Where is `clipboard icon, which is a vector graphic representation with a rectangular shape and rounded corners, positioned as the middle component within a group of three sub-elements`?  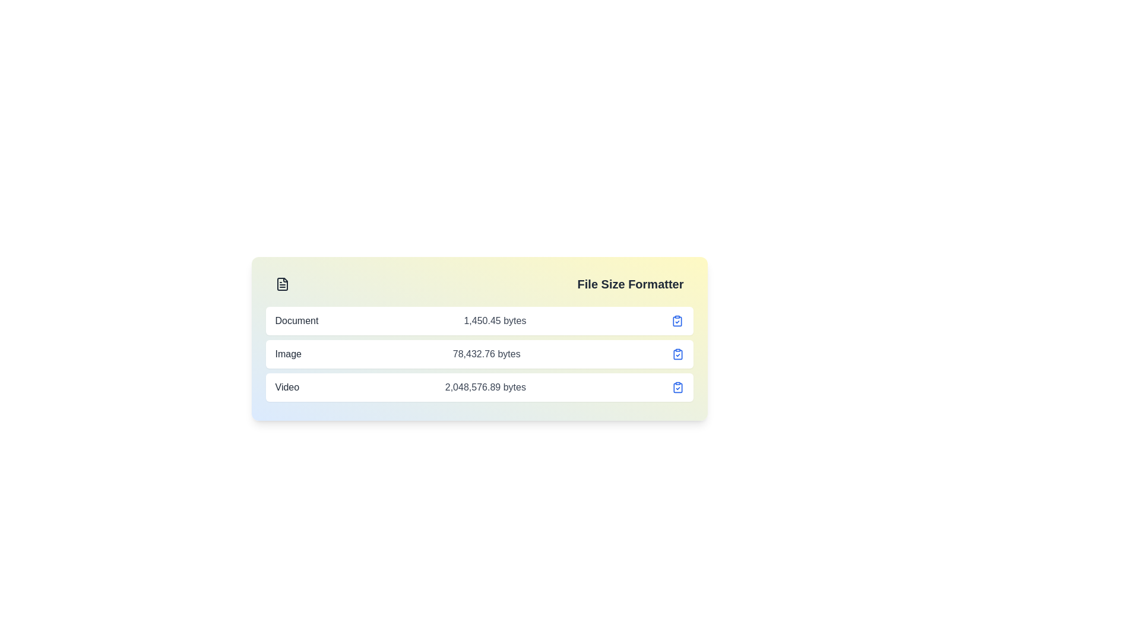 clipboard icon, which is a vector graphic representation with a rectangular shape and rounded corners, positioned as the middle component within a group of three sub-elements is located at coordinates (677, 354).